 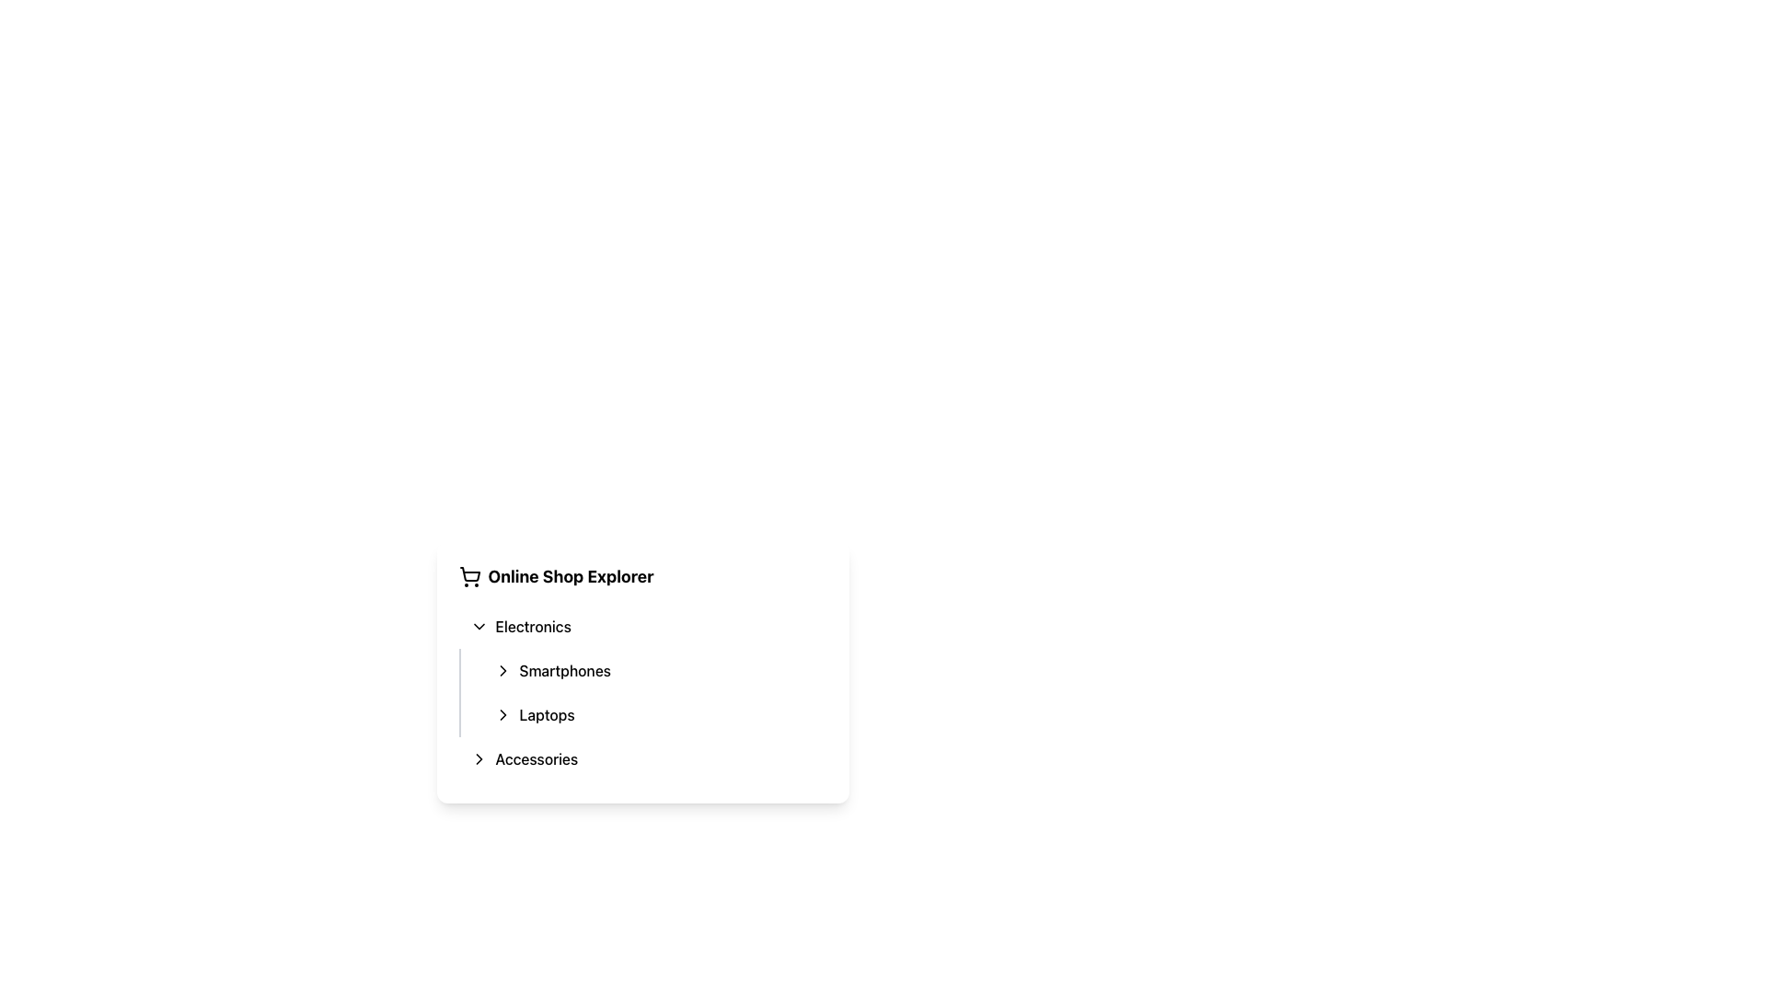 What do you see at coordinates (469, 573) in the screenshot?
I see `the shopping cart icon located in the header of the sidebar menu, adjacent to the 'Online Shop Explorer' text` at bounding box center [469, 573].